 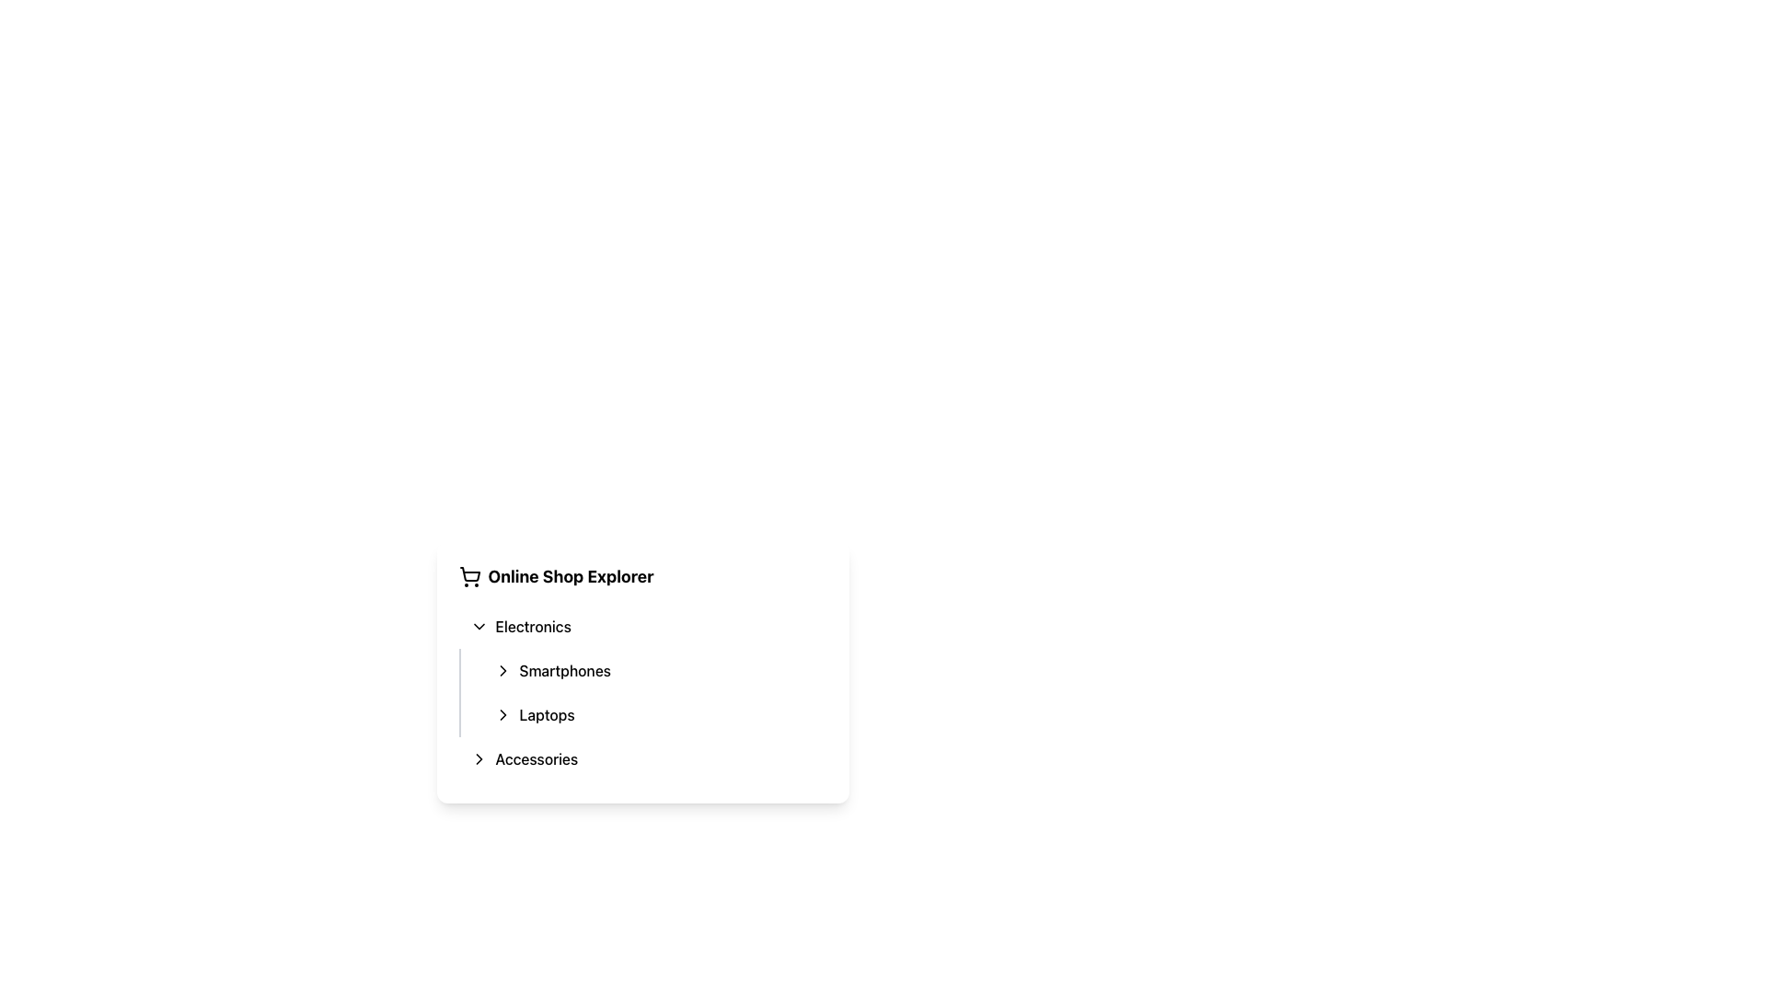 What do you see at coordinates (469, 573) in the screenshot?
I see `the shopping cart icon located in the header of the sidebar menu, adjacent to the 'Online Shop Explorer' text` at bounding box center [469, 573].